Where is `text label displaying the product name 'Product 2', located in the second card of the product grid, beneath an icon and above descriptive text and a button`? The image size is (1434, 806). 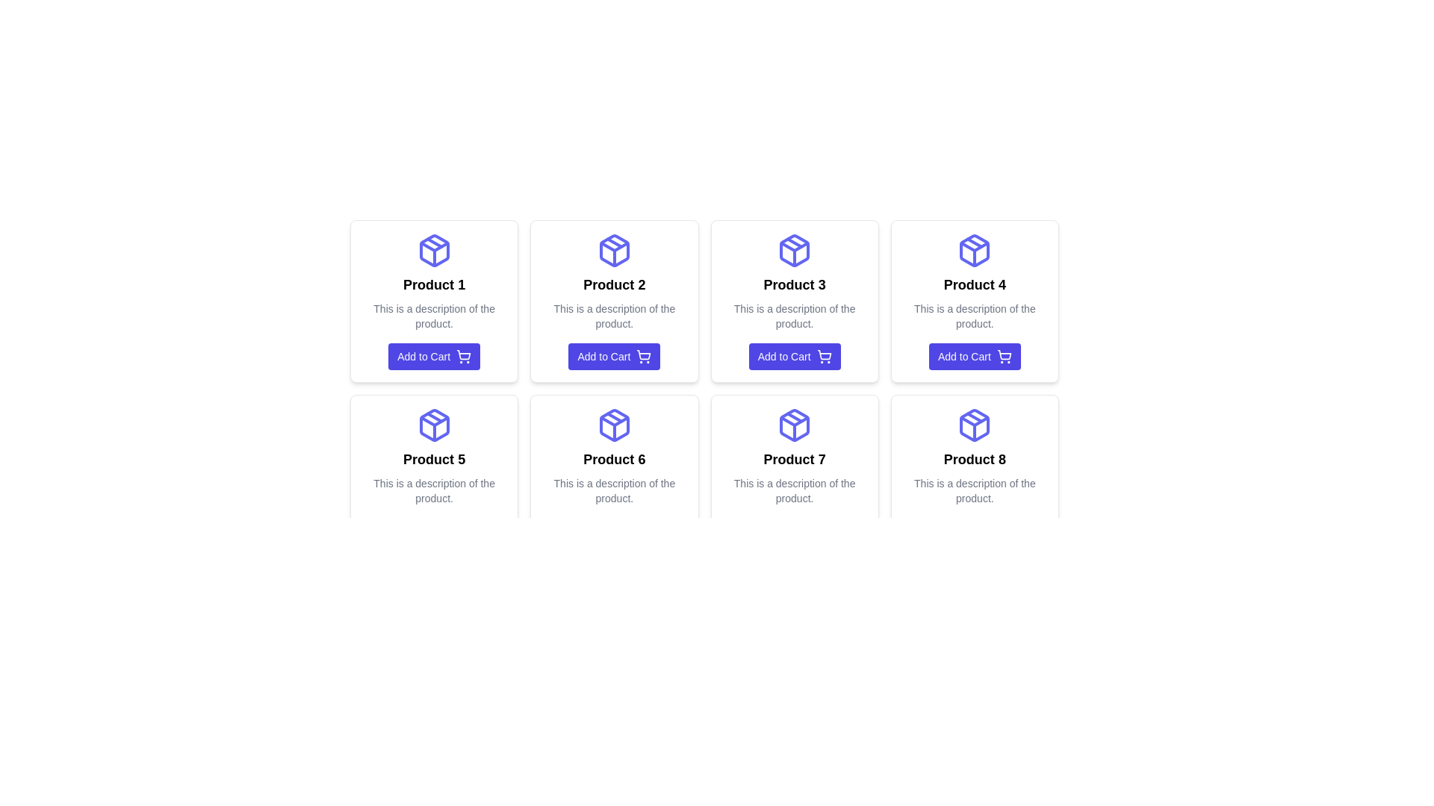
text label displaying the product name 'Product 2', located in the second card of the product grid, beneath an icon and above descriptive text and a button is located at coordinates (614, 284).